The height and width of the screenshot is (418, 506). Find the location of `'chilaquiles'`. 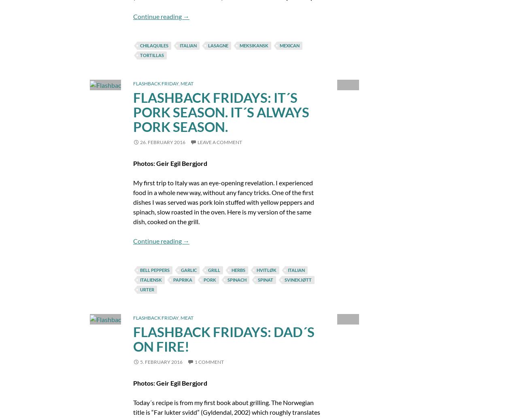

'chilaquiles' is located at coordinates (154, 45).